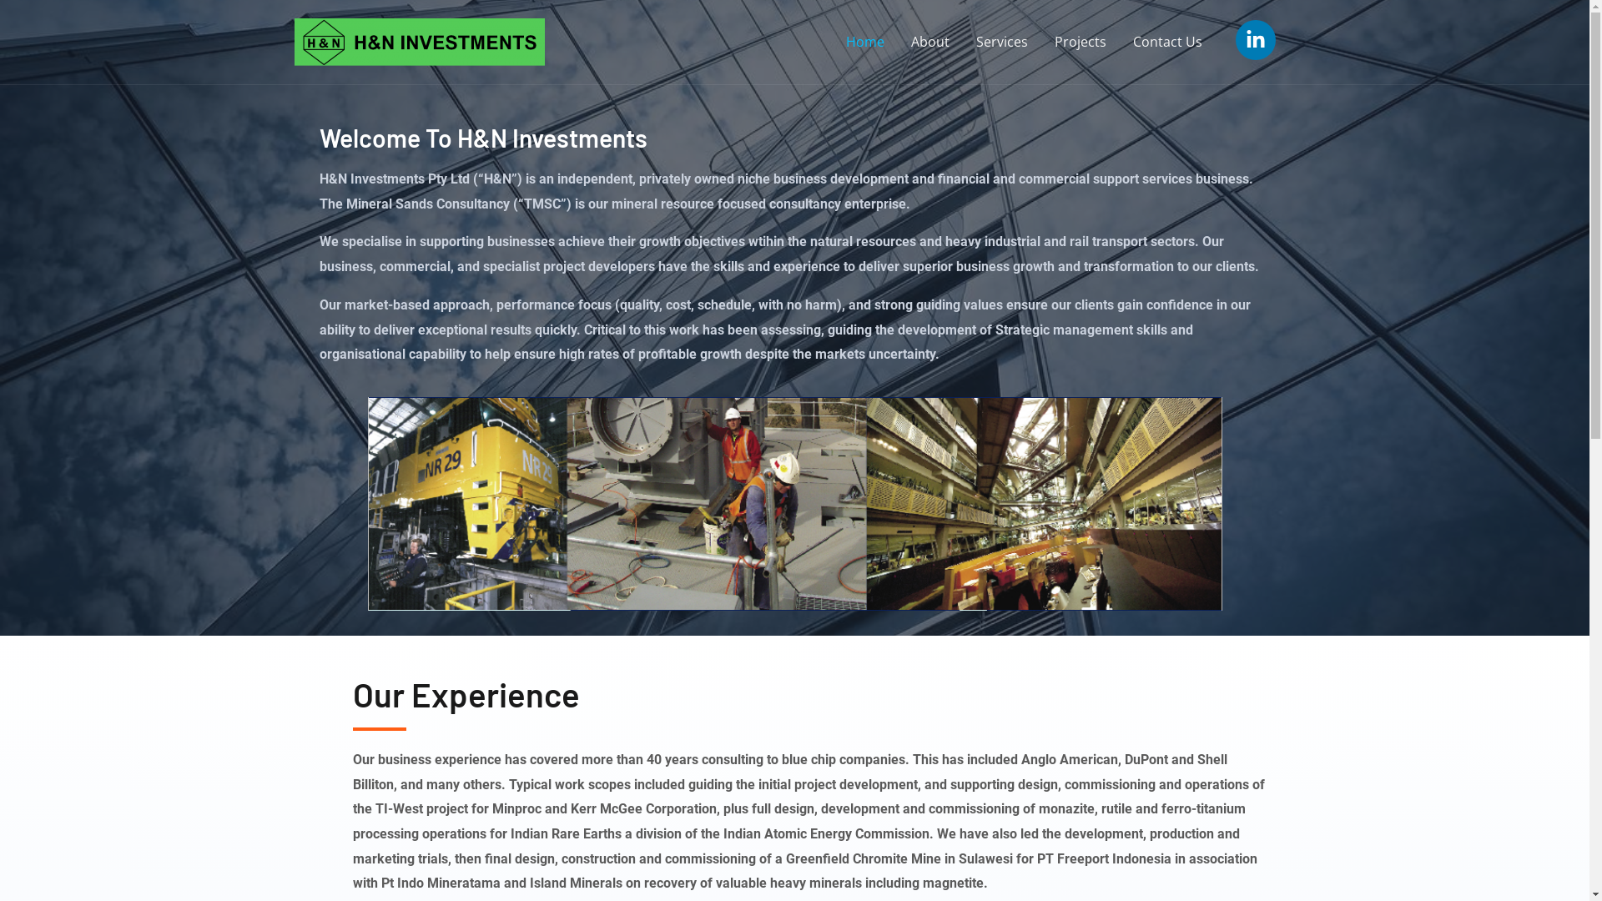 The image size is (1602, 901). Describe the element at coordinates (1081, 41) in the screenshot. I see `'Projects'` at that location.